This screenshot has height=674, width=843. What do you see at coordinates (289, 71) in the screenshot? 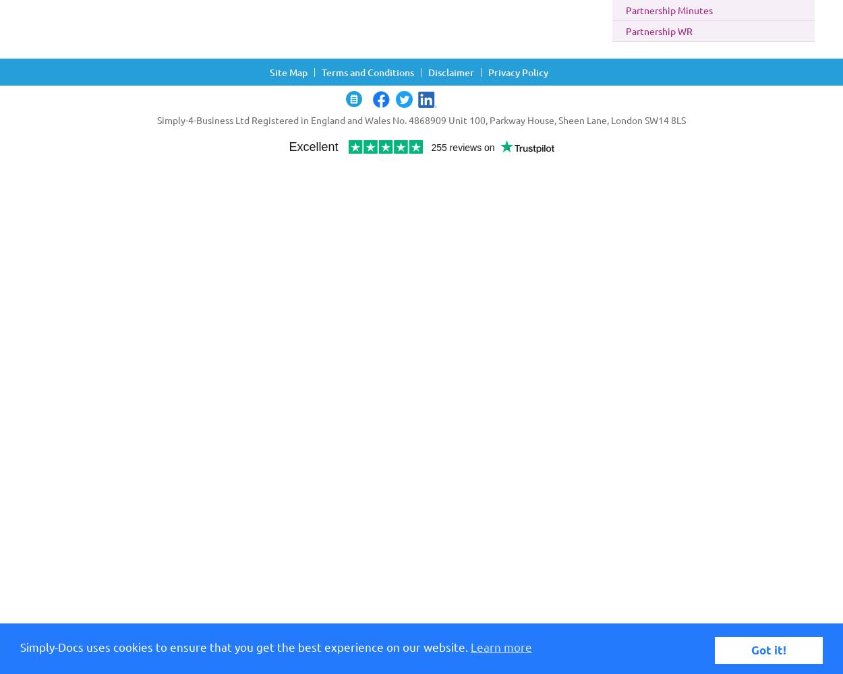
I see `'Site Map'` at bounding box center [289, 71].